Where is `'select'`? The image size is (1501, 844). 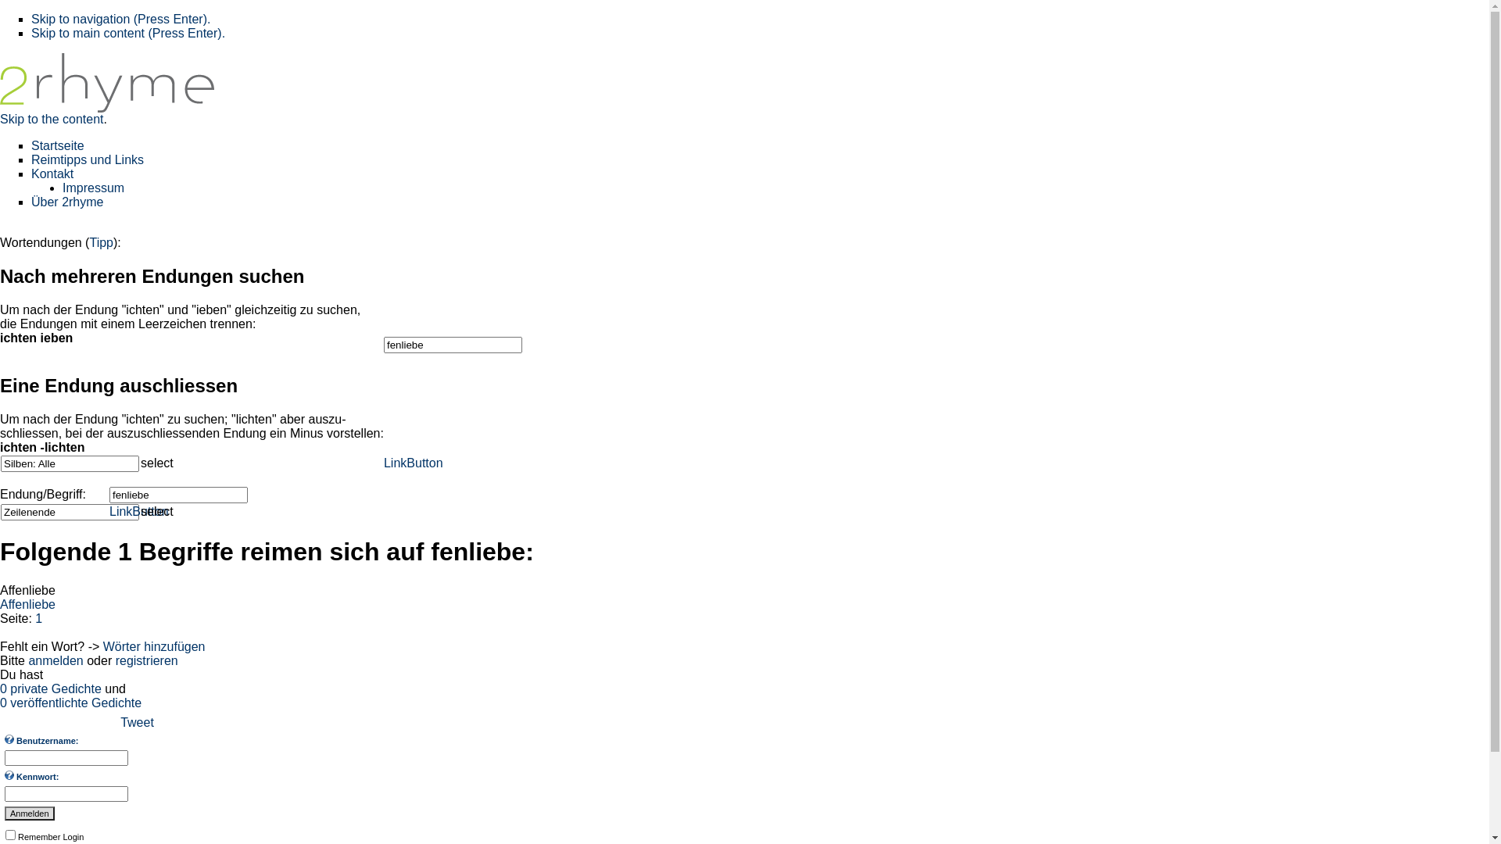
'select' is located at coordinates (157, 512).